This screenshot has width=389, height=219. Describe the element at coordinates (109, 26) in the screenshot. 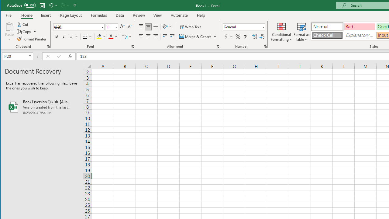

I see `'Font Size'` at that location.